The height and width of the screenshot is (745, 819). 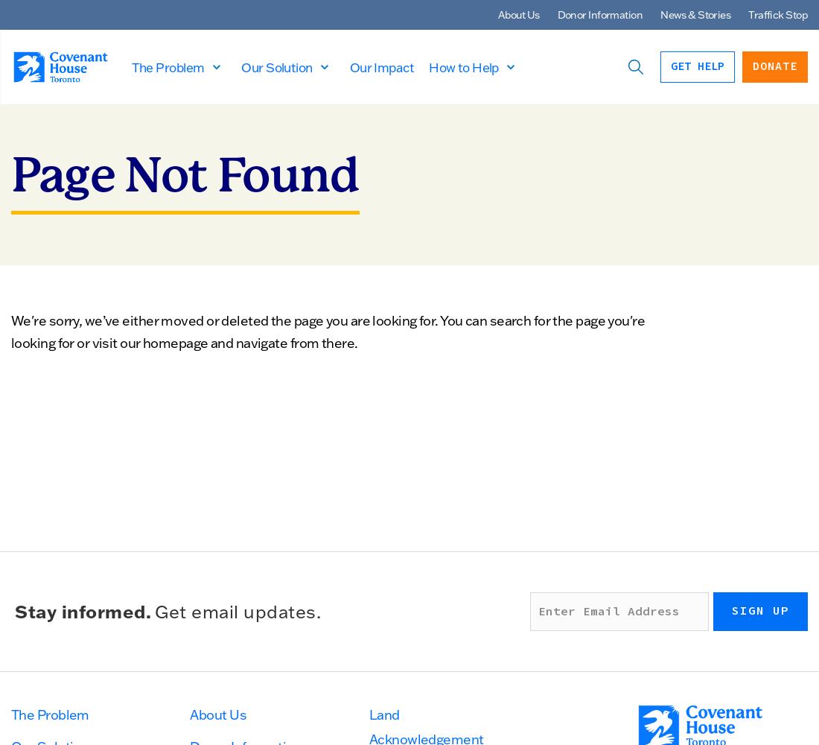 I want to click on 'Our Impact', so click(x=381, y=66).